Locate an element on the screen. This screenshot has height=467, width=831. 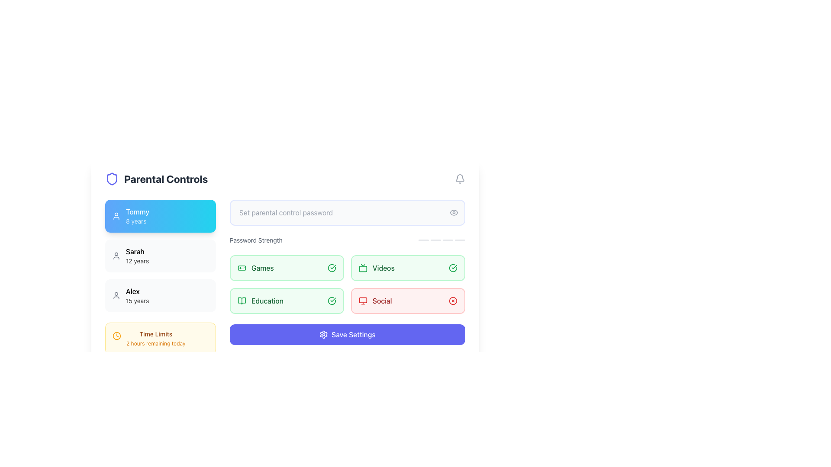
the 'Social' category card, which is the fourth item in the list styled with a red border and background, containing a monitor icon on the left and an 'x' icon on the right is located at coordinates (407, 300).